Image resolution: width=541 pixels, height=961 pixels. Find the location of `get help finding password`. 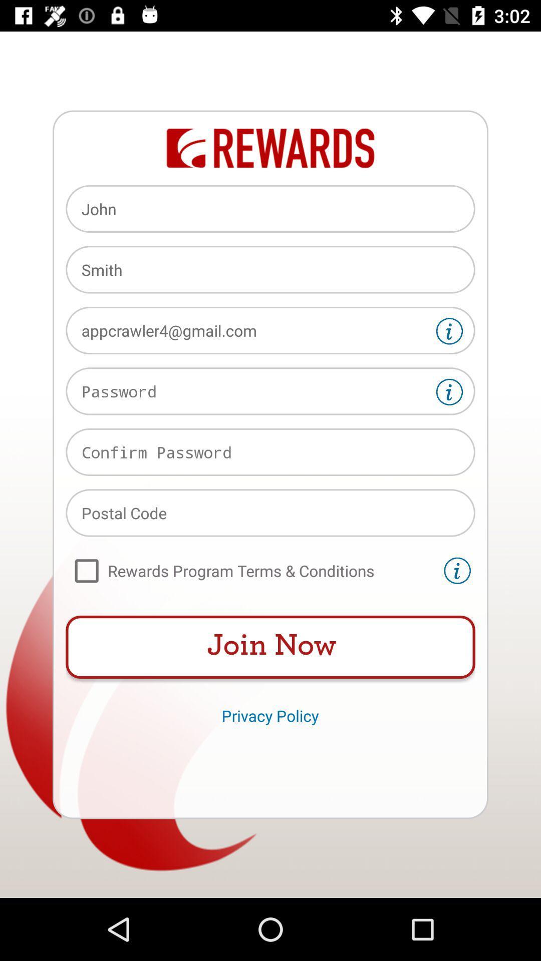

get help finding password is located at coordinates (449, 391).